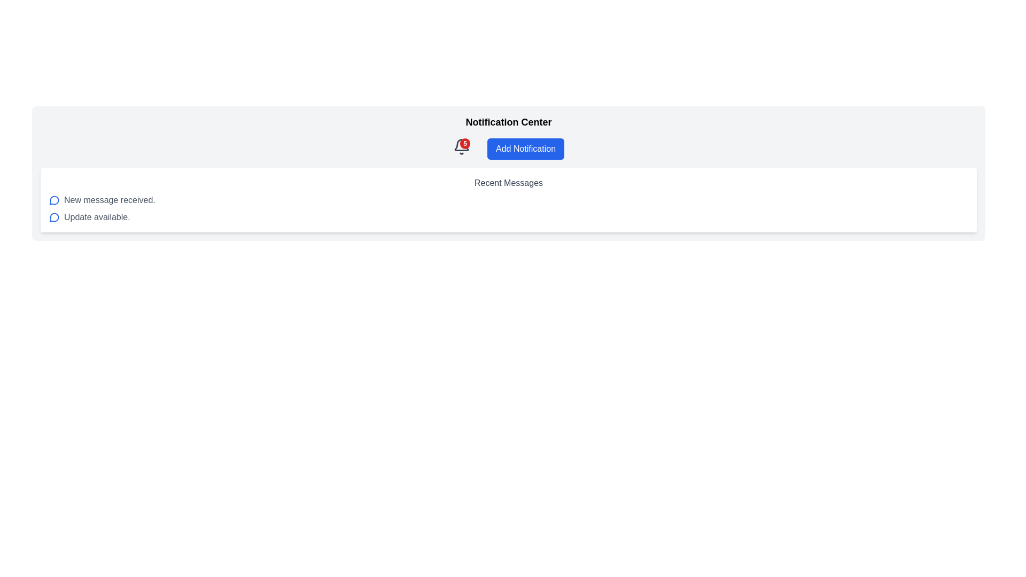 The image size is (1026, 577). Describe the element at coordinates (508, 121) in the screenshot. I see `the text label that displays 'Notification Center', which is styled in a bold and large font at the top center of the notification interface` at that location.